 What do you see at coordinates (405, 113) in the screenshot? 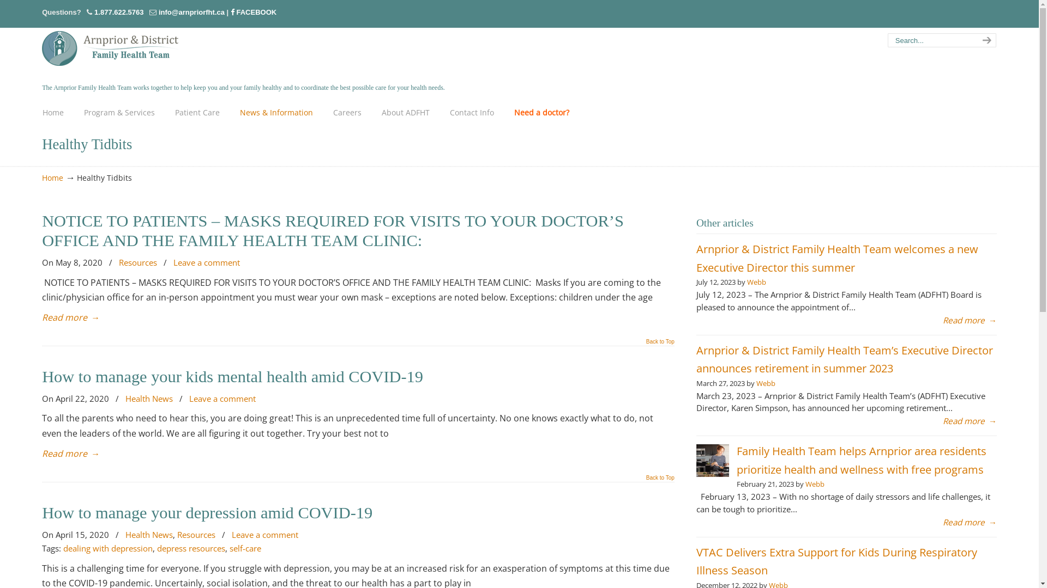
I see `'About ADFHT'` at bounding box center [405, 113].